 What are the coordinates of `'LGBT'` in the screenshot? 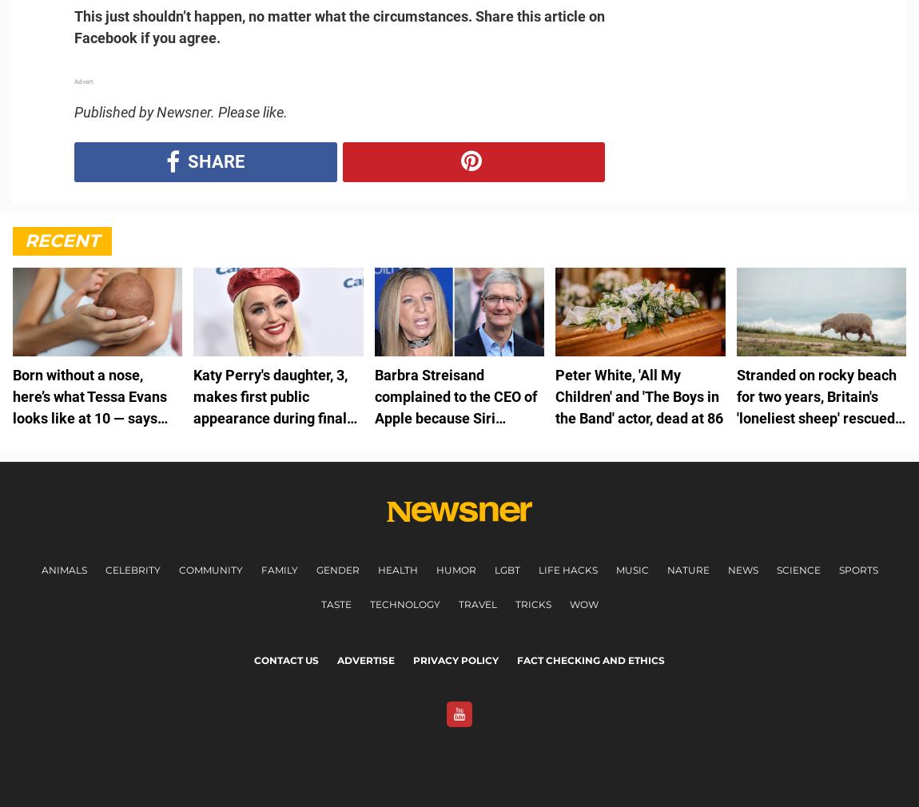 It's located at (505, 569).